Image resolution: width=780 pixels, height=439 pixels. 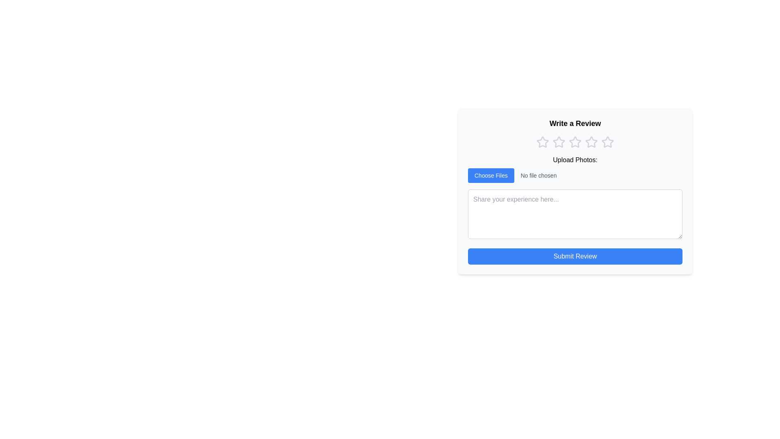 What do you see at coordinates (575, 124) in the screenshot?
I see `the text label displaying 'Write a Review'` at bounding box center [575, 124].